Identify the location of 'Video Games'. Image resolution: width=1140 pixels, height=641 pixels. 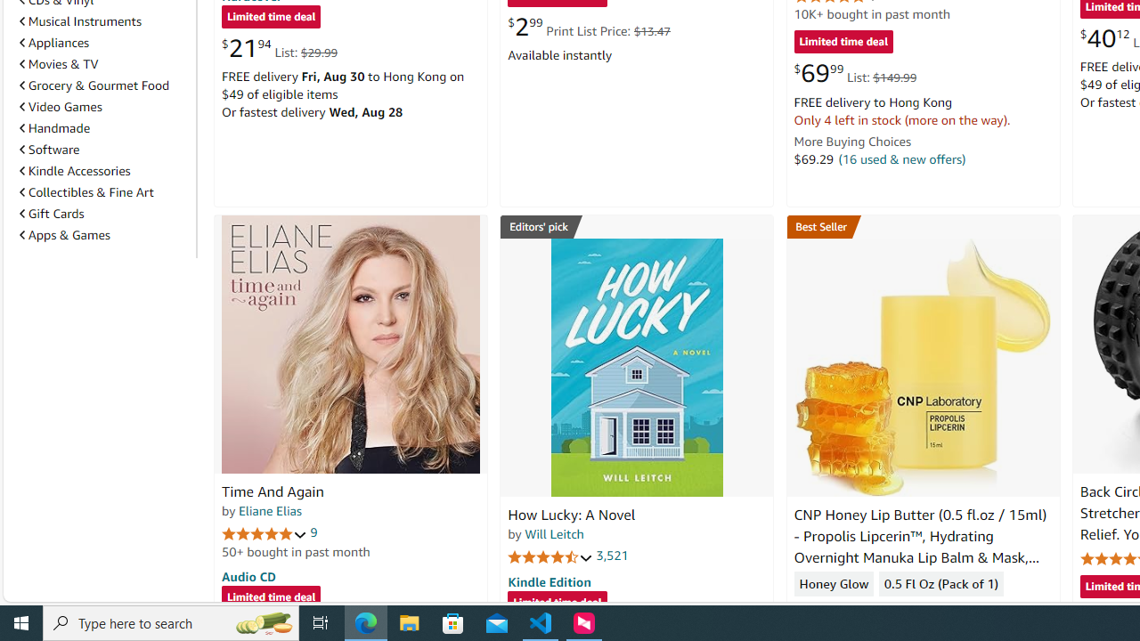
(103, 107).